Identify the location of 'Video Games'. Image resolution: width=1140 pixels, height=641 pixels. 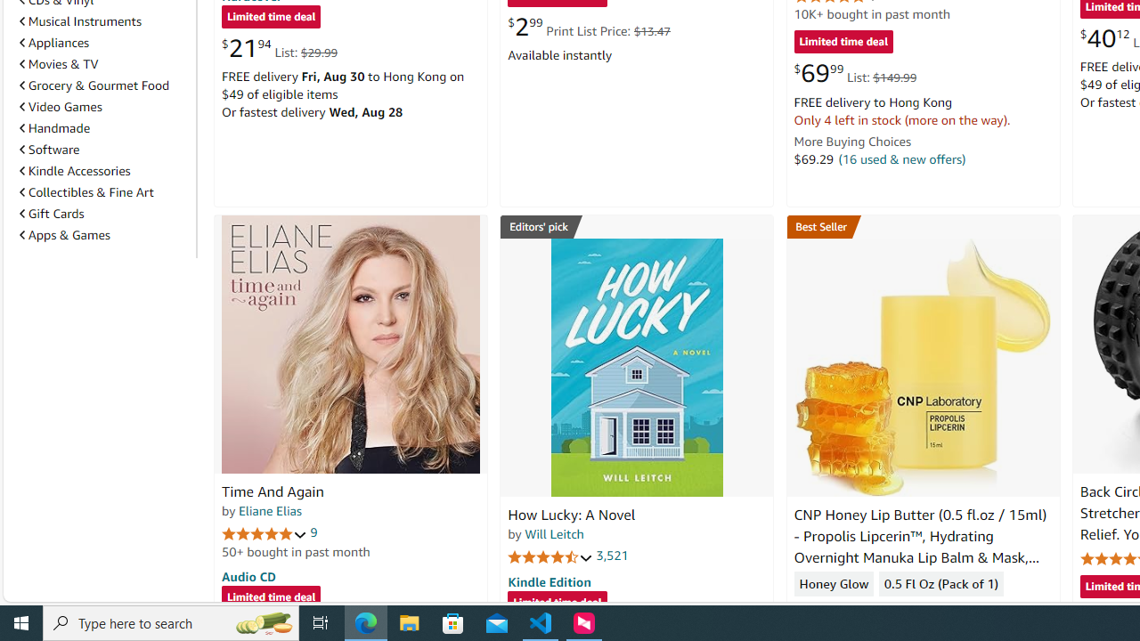
(103, 107).